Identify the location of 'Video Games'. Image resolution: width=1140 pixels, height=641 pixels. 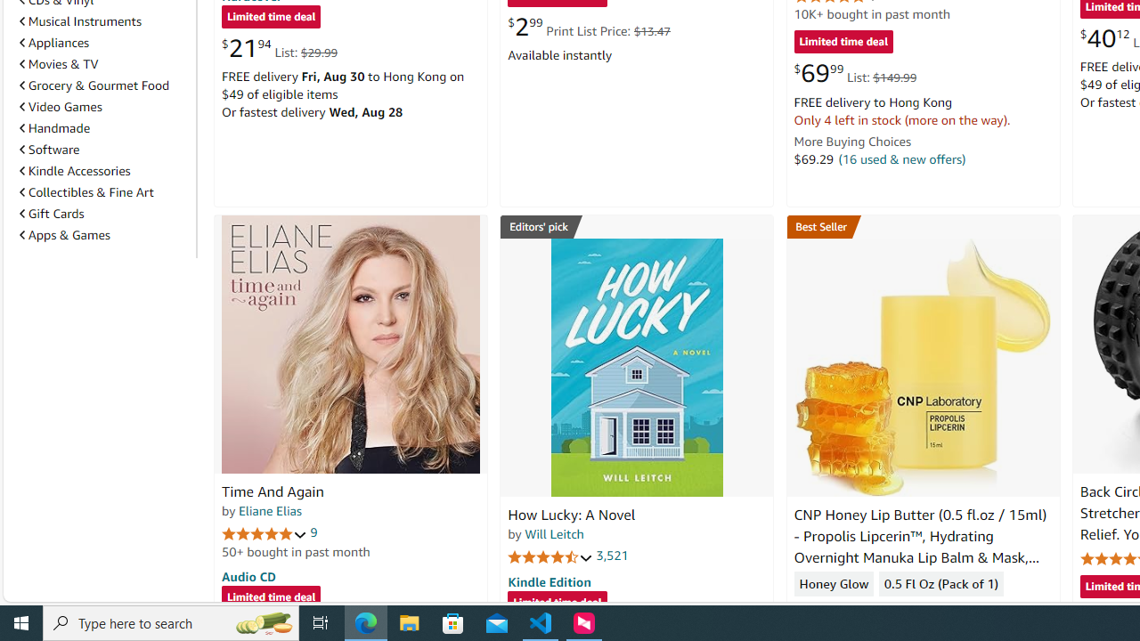
(103, 107).